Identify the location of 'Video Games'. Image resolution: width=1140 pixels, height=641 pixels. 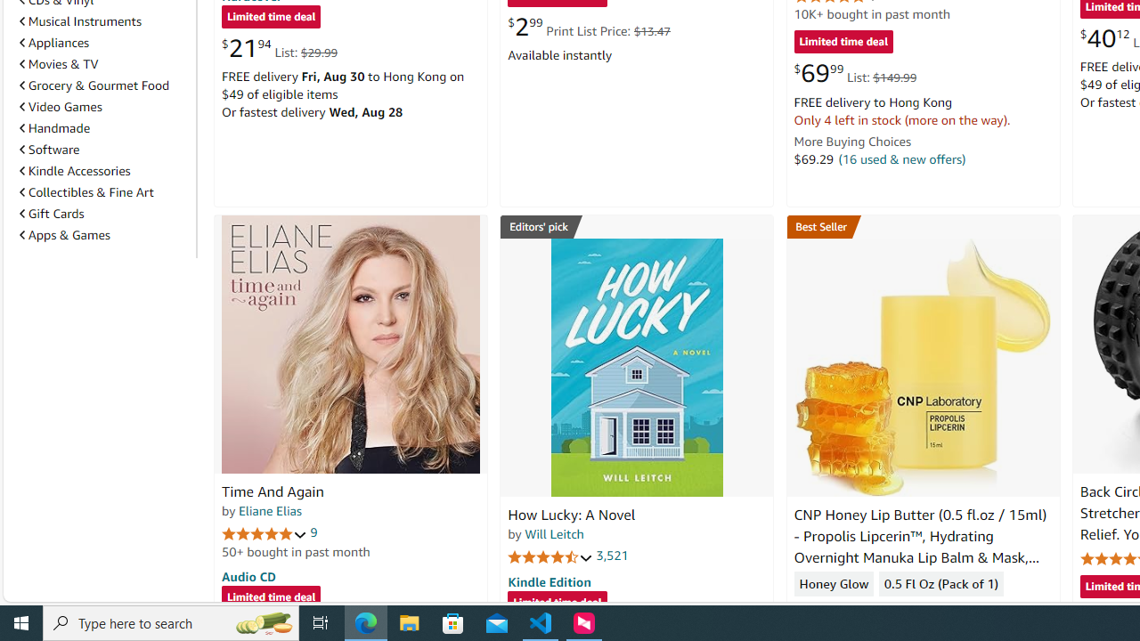
(103, 107).